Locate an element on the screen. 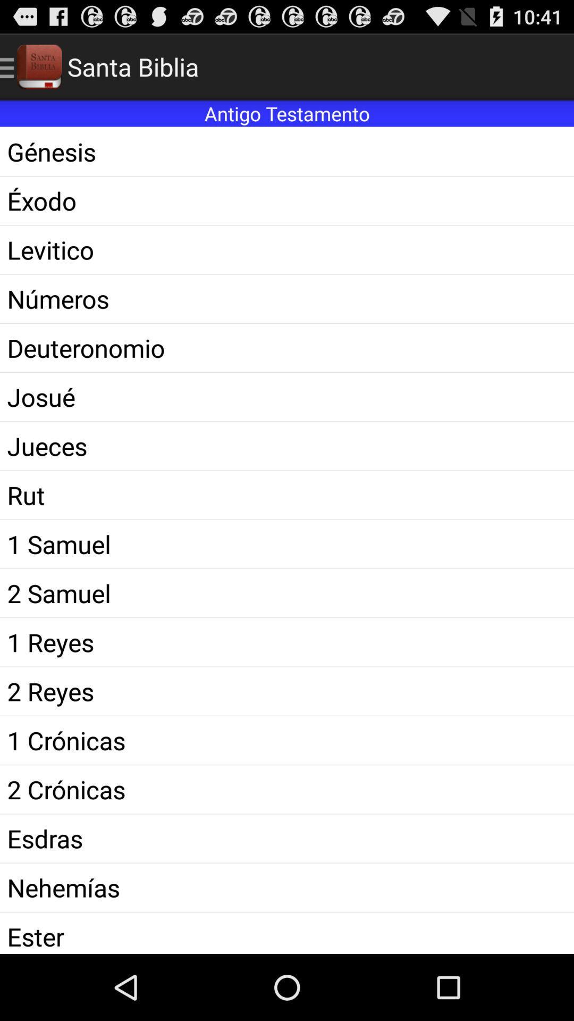 The image size is (574, 1021). icon below 1 samuel item is located at coordinates (287, 592).